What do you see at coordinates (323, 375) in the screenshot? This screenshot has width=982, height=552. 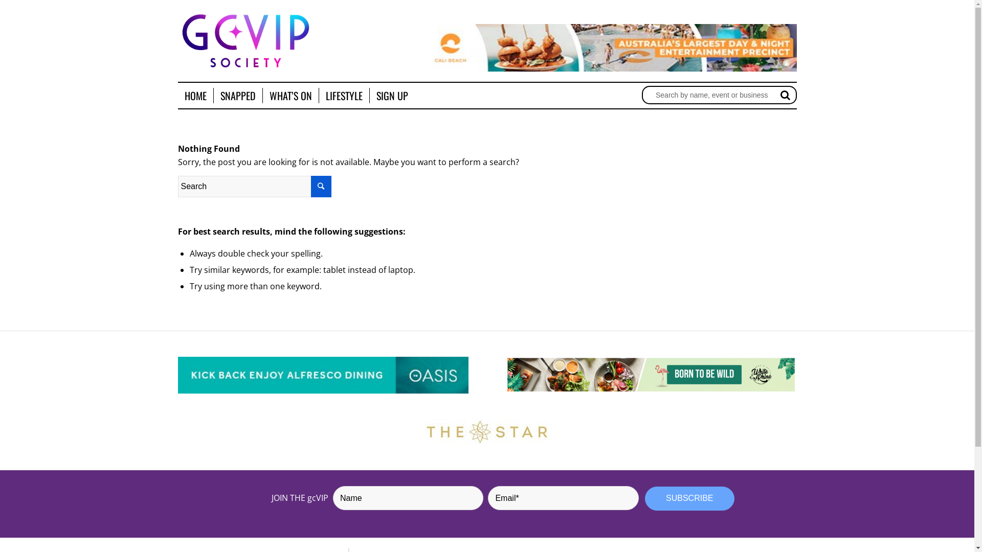 I see `'OAS3452-4_GCVIP-FooterHomepageBanner_468x60'` at bounding box center [323, 375].